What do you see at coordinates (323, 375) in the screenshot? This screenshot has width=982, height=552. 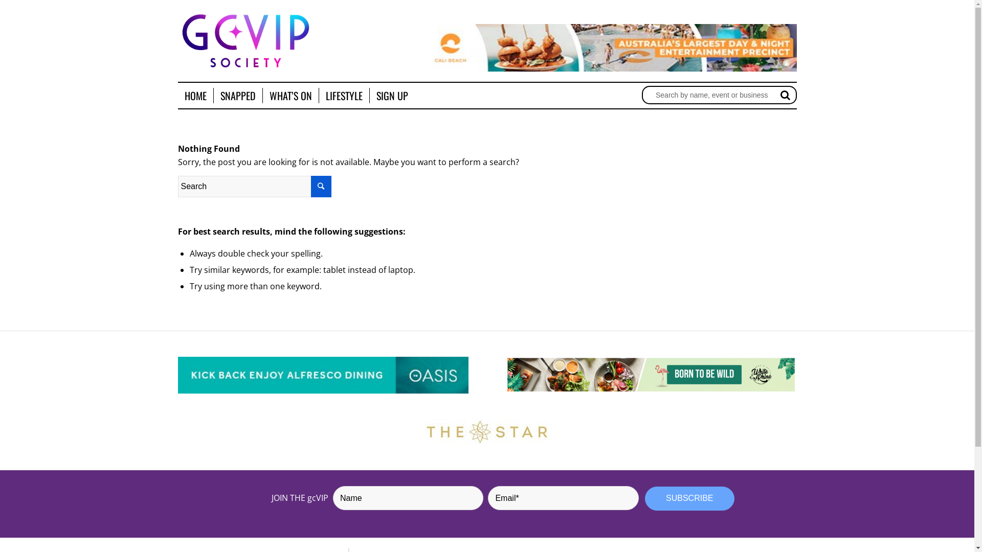 I see `'OAS3452-4_GCVIP-FooterHomepageBanner_468x60'` at bounding box center [323, 375].